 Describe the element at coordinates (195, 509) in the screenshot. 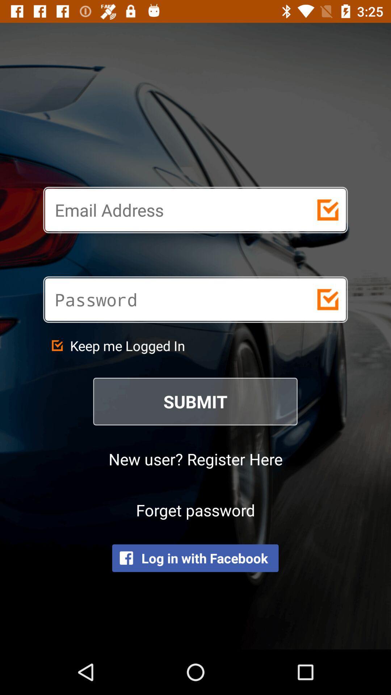

I see `forget password` at that location.